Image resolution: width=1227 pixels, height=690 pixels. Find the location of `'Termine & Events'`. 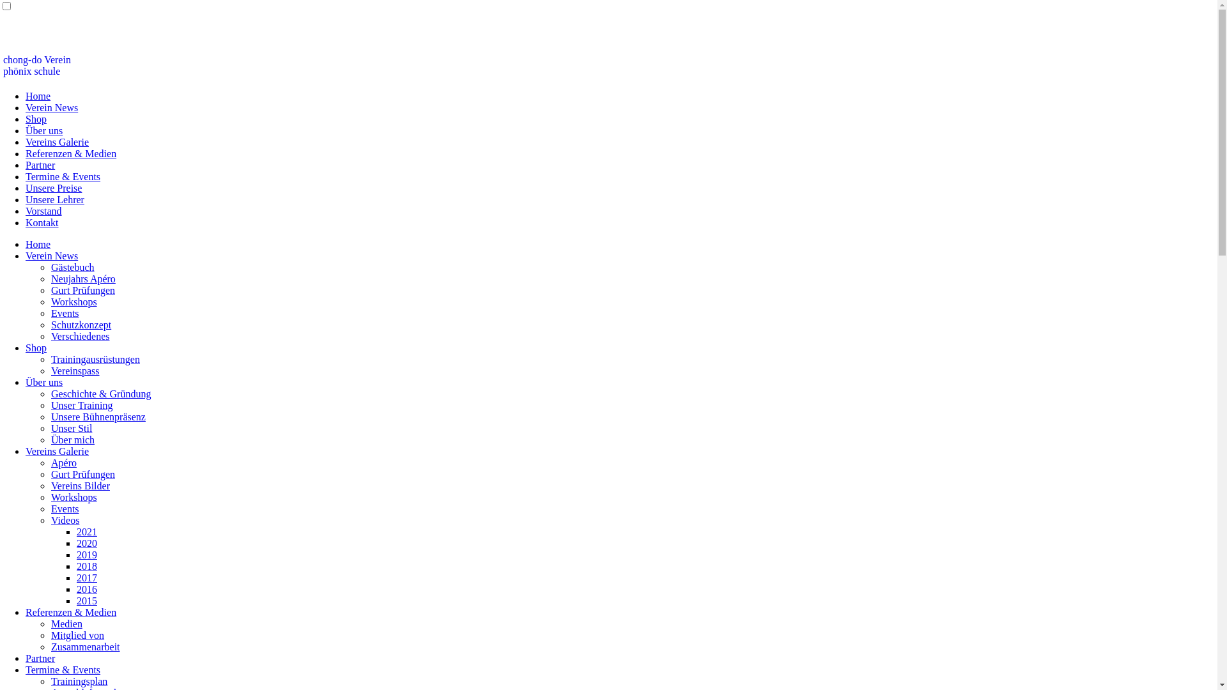

'Termine & Events' is located at coordinates (62, 669).